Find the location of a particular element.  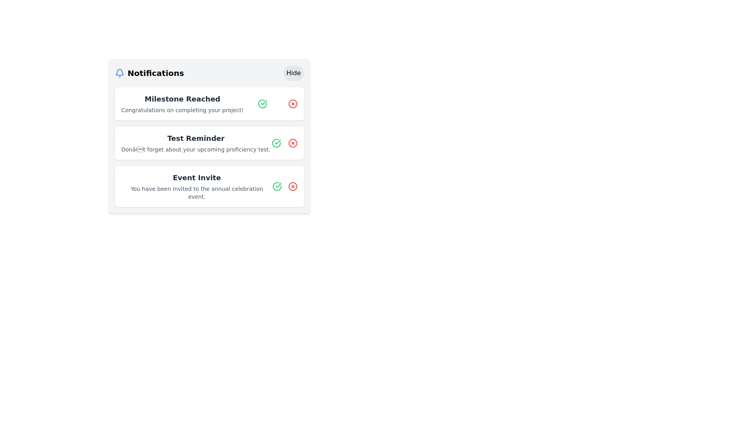

the red circular dismiss button with a cross (X) inside, located next to the 'Test Reminder' notification is located at coordinates (293, 143).